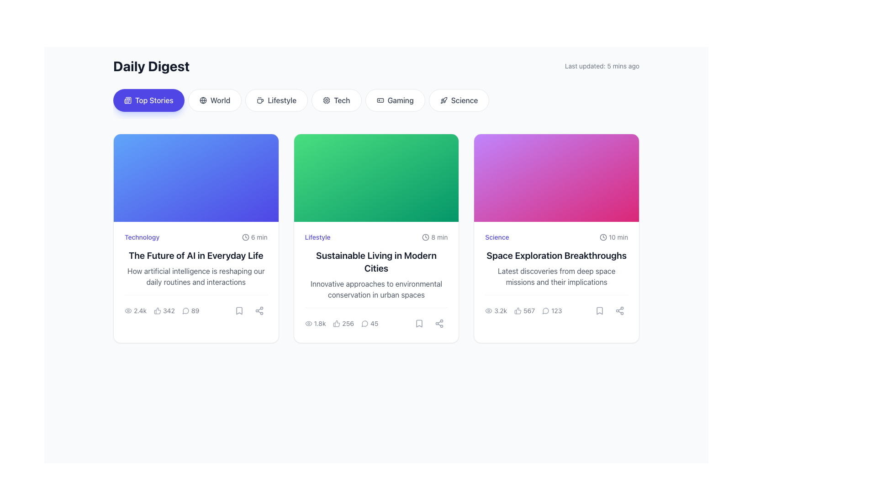 The width and height of the screenshot is (877, 493). I want to click on the small bookmark icon rendered as an outline, located below the 'Sustainable Living in Modern Cities' card, so click(419, 323).